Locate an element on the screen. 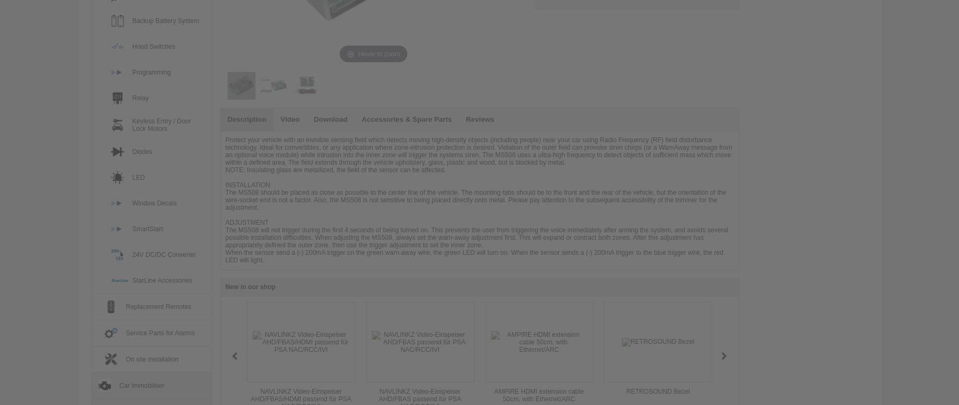 Image resolution: width=959 pixels, height=405 pixels. 'When the sensor send a (-) 200mA trigger on the green warn-away wire, the green LED will turn on. When the sensor sends a (-) 200mA trigger to the blue trigger wire, the red LED will light.' is located at coordinates (474, 255).